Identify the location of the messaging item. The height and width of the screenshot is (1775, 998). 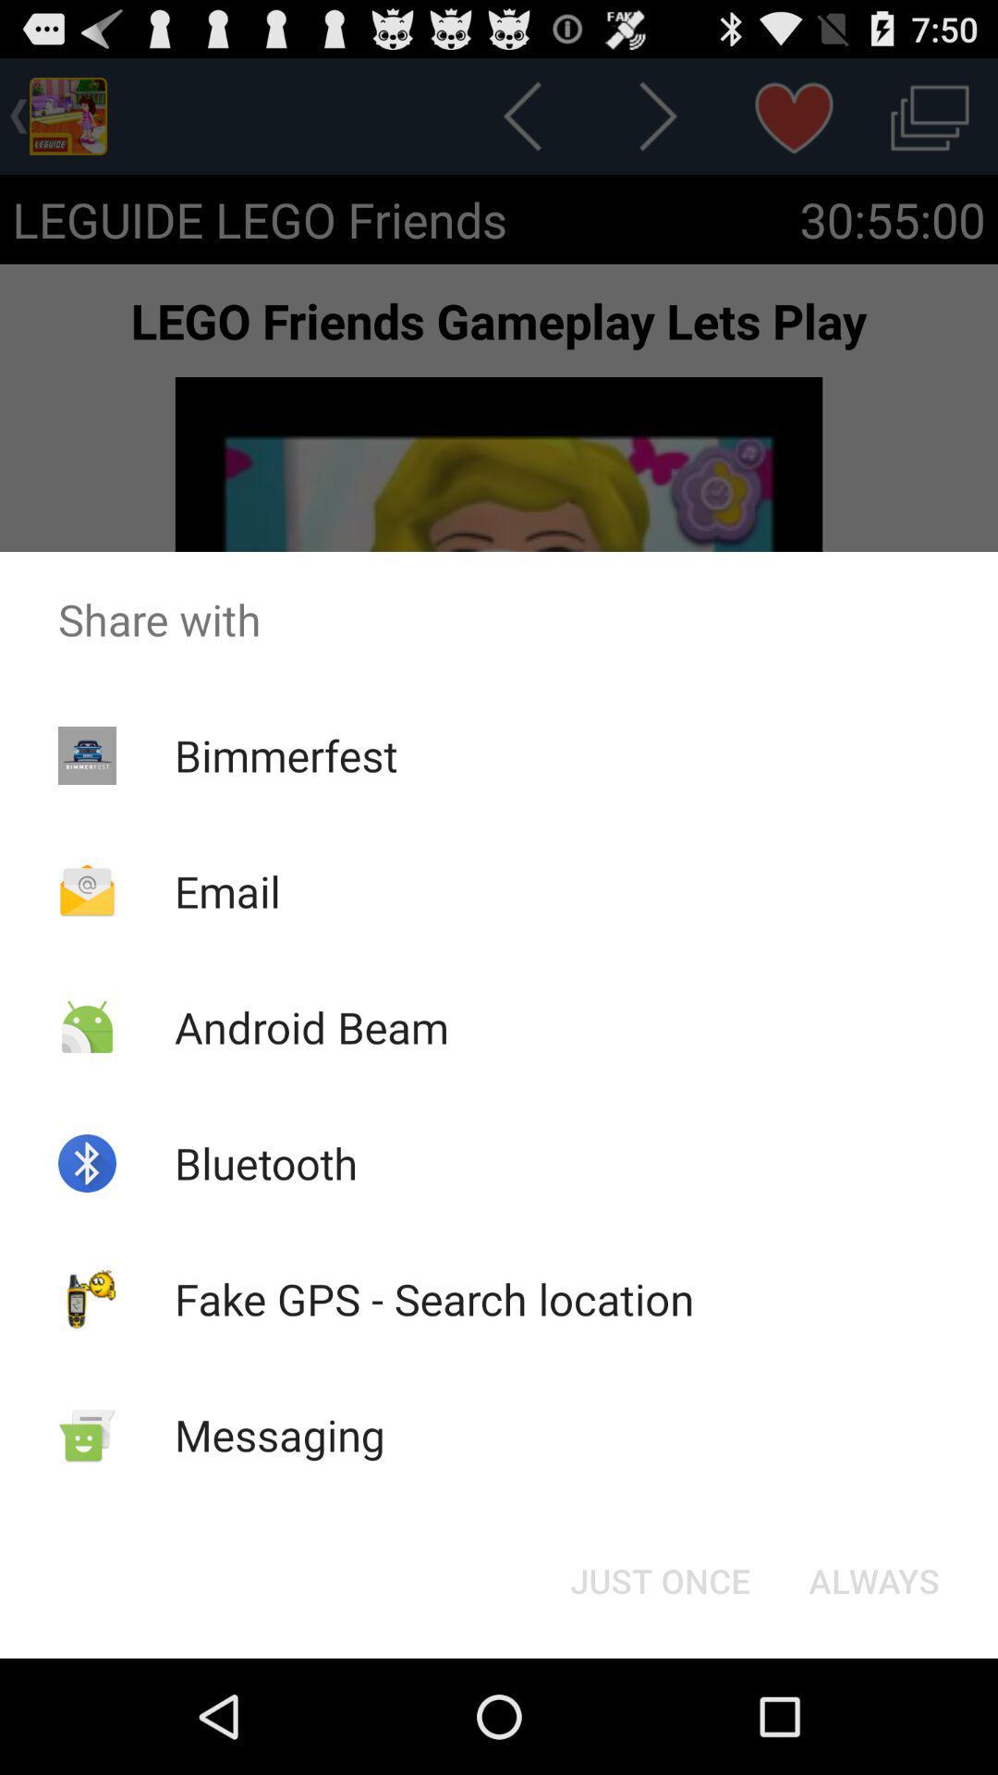
(280, 1434).